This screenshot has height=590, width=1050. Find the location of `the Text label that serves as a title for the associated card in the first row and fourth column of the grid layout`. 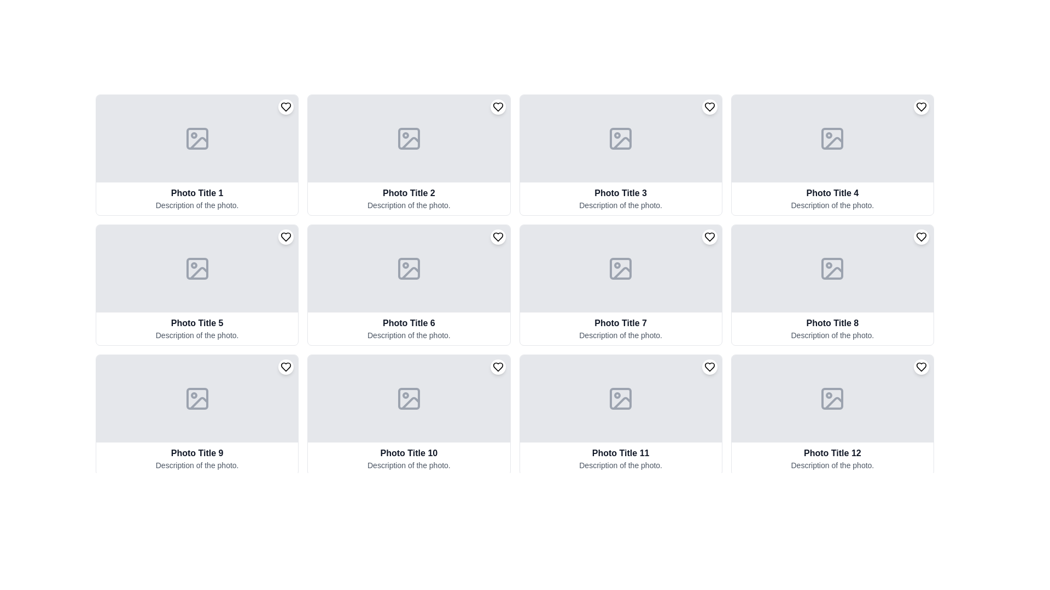

the Text label that serves as a title for the associated card in the first row and fourth column of the grid layout is located at coordinates (832, 193).